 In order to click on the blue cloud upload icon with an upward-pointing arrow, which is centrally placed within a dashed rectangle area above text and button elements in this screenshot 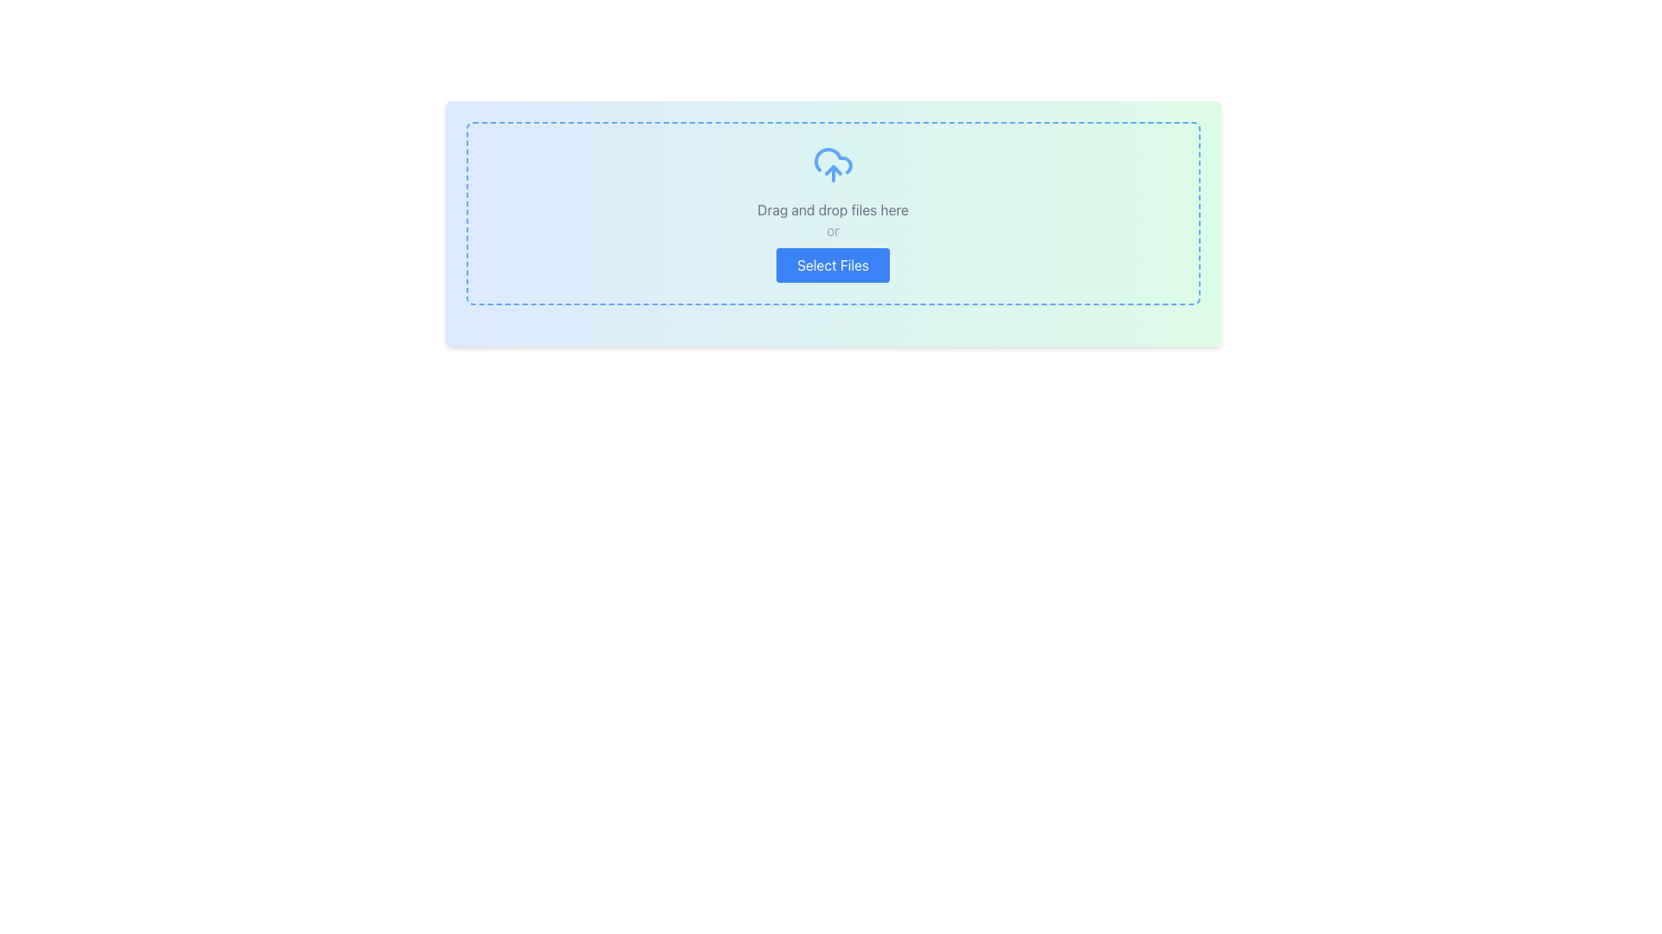, I will do `click(833, 165)`.